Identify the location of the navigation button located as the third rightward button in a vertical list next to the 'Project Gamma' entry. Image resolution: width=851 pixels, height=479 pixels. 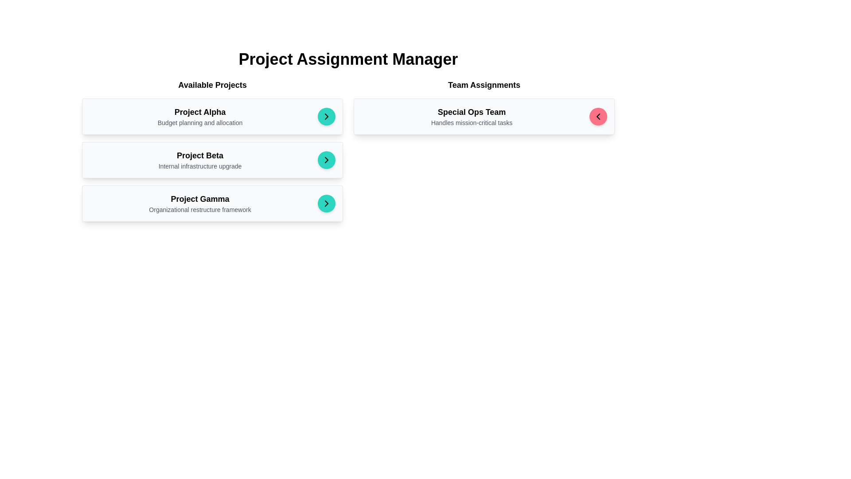
(326, 204).